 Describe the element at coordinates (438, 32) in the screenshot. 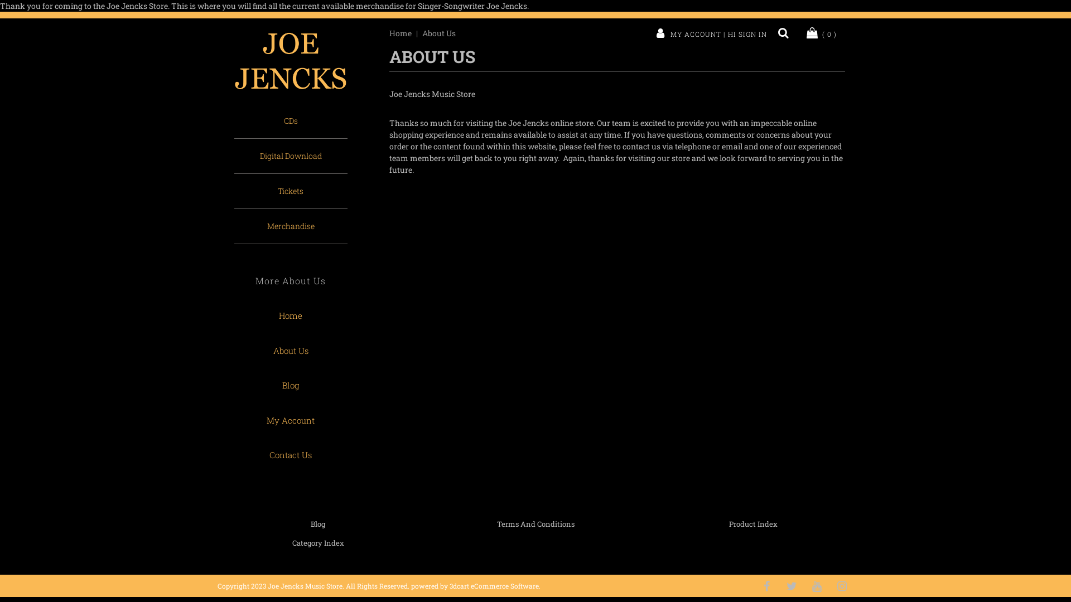

I see `'About Us'` at that location.